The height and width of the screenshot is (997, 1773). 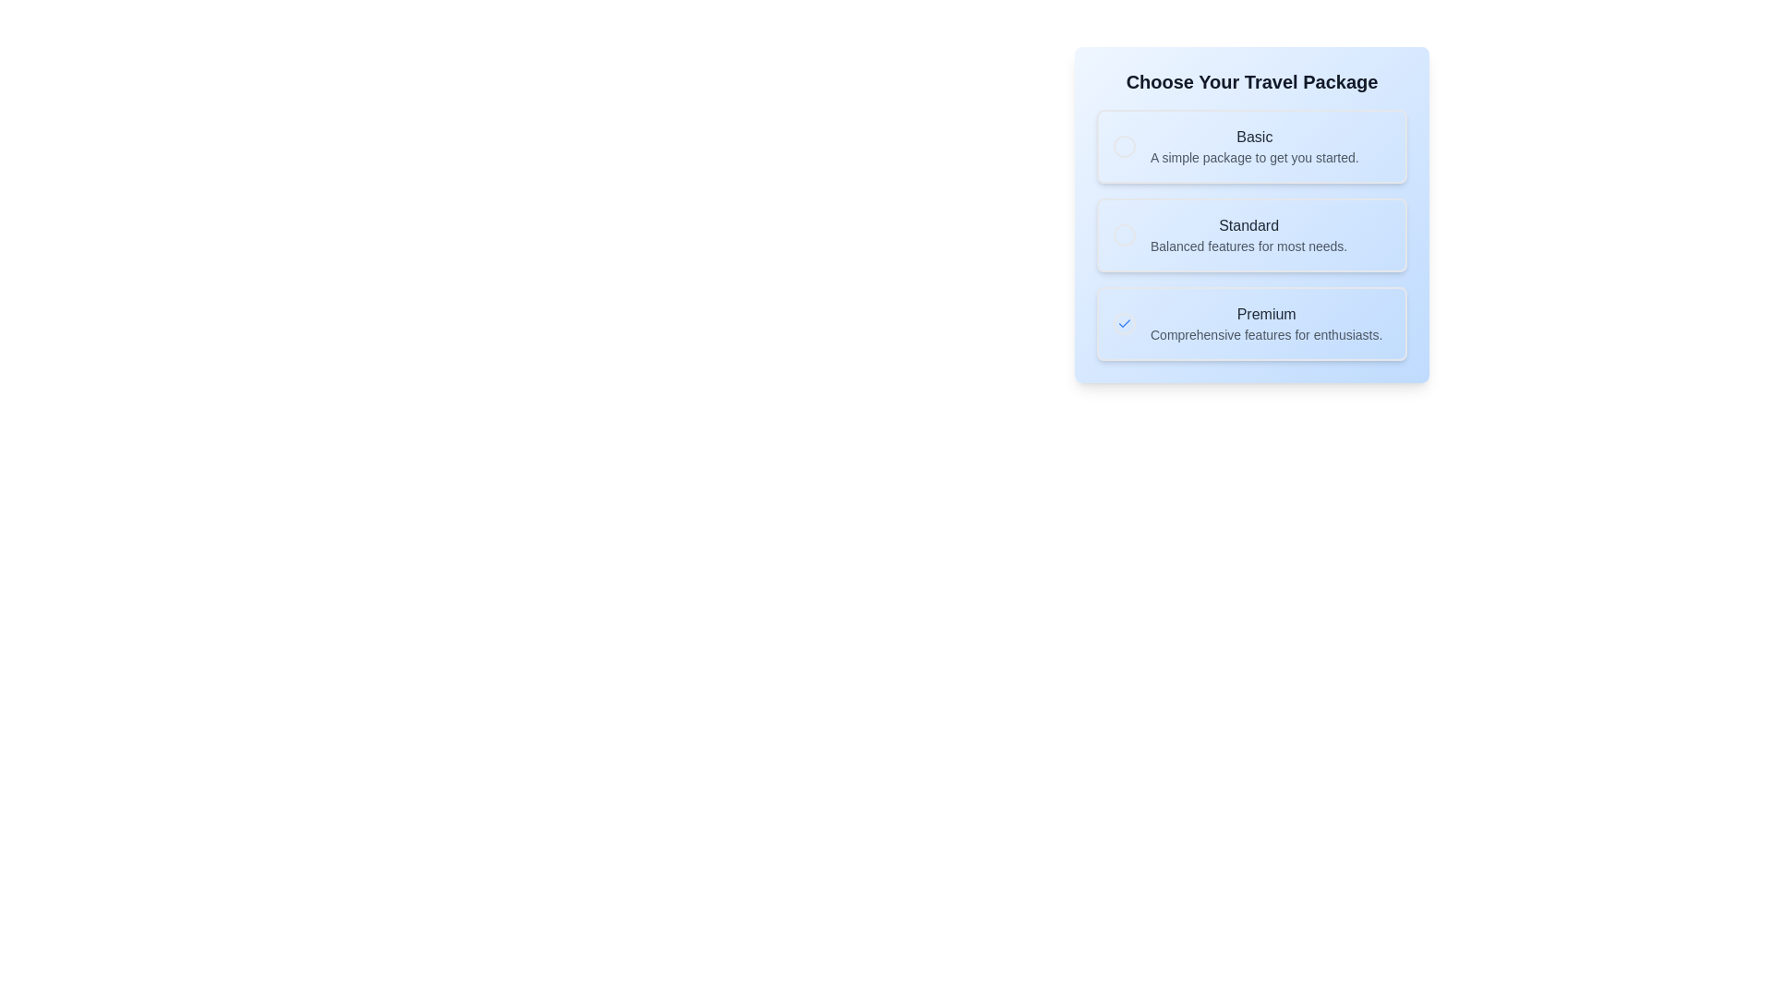 I want to click on the center of the 'Standard' travel package radio button, so click(x=1124, y=234).